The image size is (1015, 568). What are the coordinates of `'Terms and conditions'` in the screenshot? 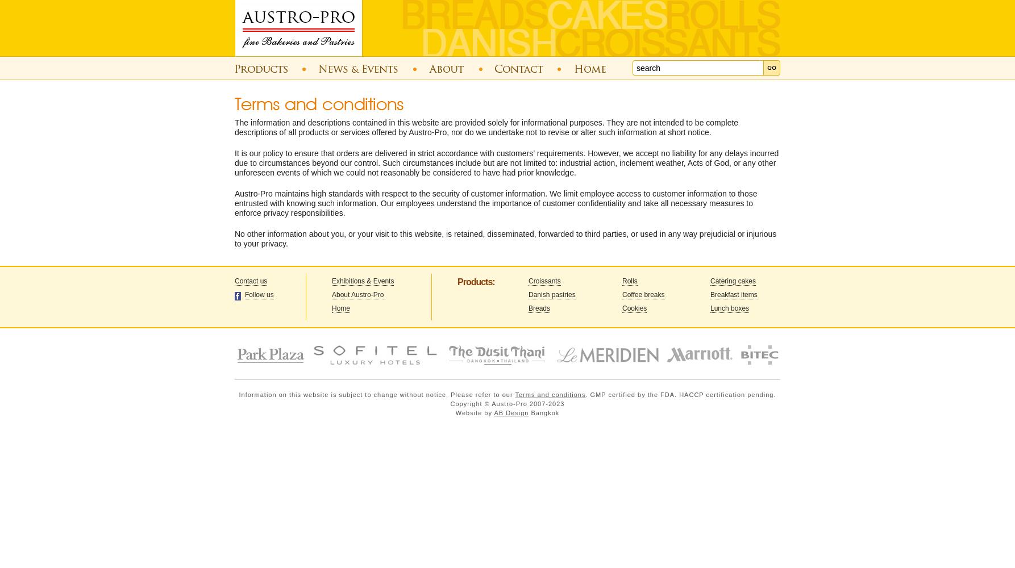 It's located at (550, 394).